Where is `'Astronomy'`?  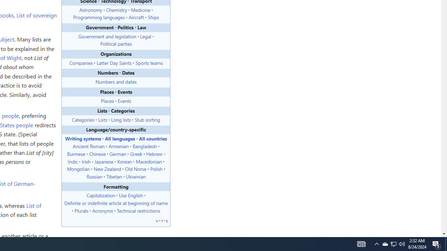 'Astronomy' is located at coordinates (90, 9).